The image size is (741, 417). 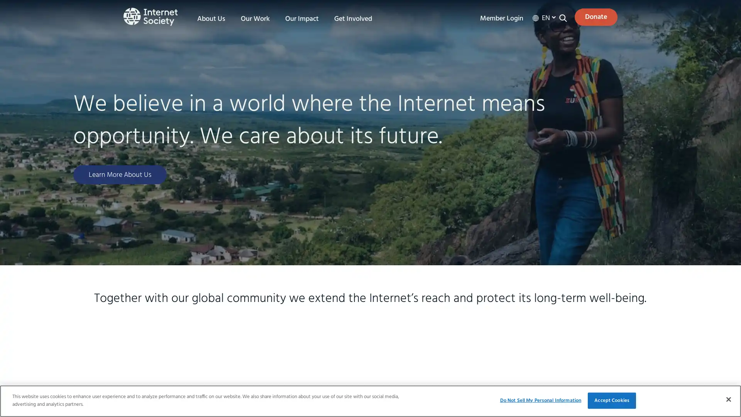 I want to click on Close, so click(x=728, y=399).